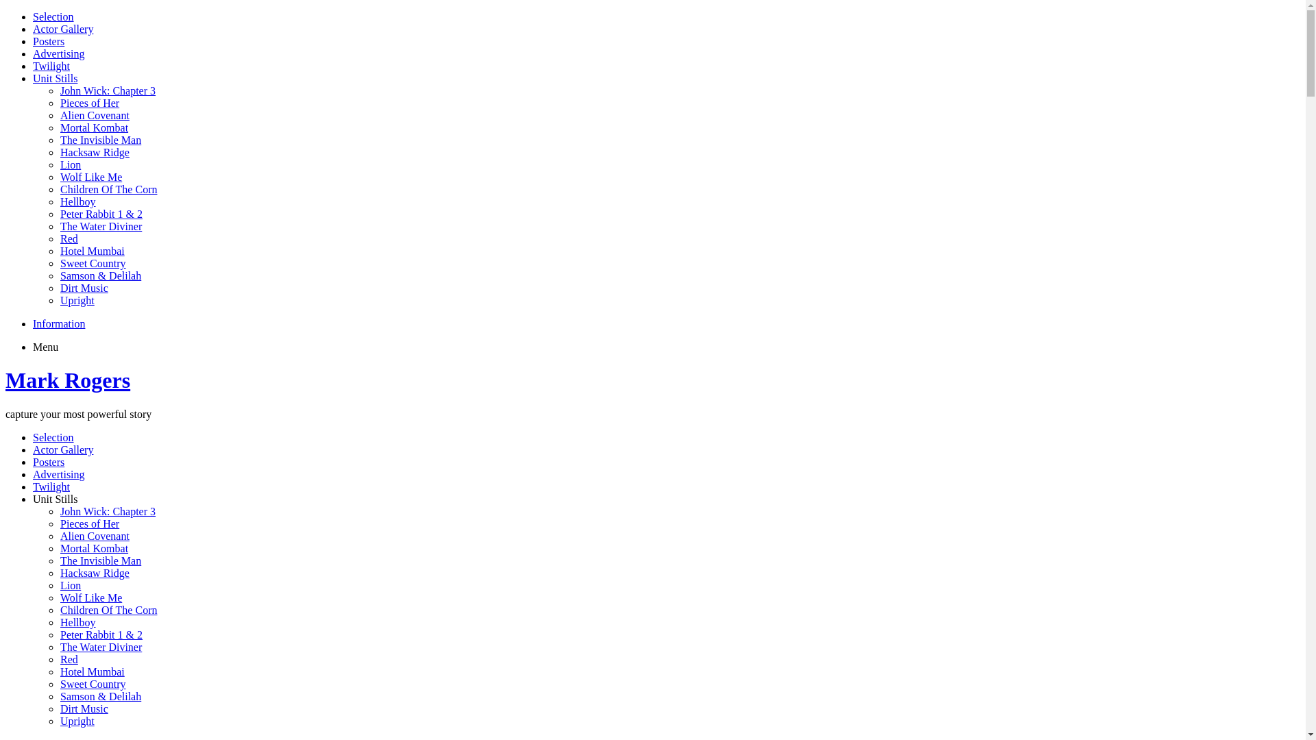 The width and height of the screenshot is (1316, 740). What do you see at coordinates (107, 90) in the screenshot?
I see `'John Wick: Chapter 3'` at bounding box center [107, 90].